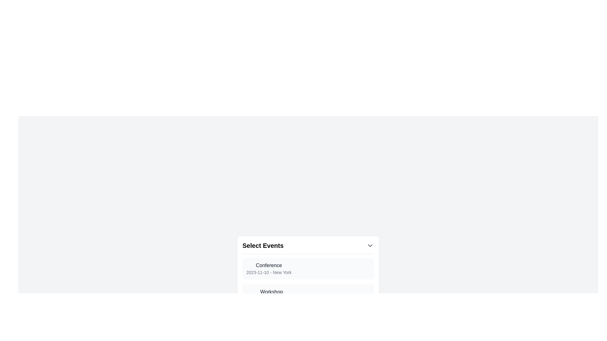 This screenshot has height=341, width=607. What do you see at coordinates (269, 265) in the screenshot?
I see `the 'Conference' text label` at bounding box center [269, 265].